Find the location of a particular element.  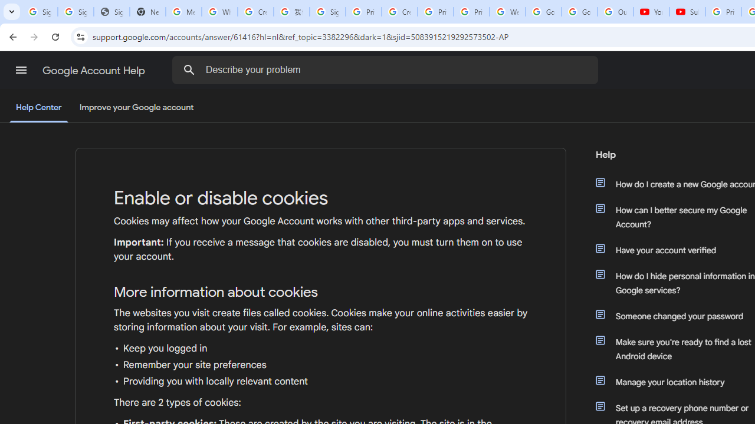

'New Tab' is located at coordinates (147, 12).